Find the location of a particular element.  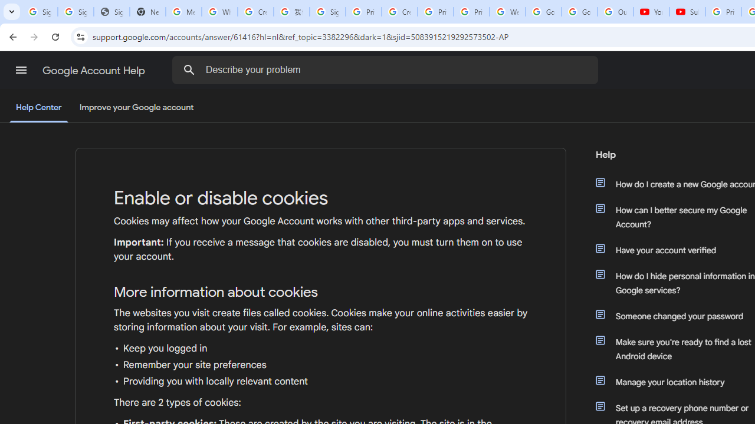

'New Tab' is located at coordinates (147, 12).